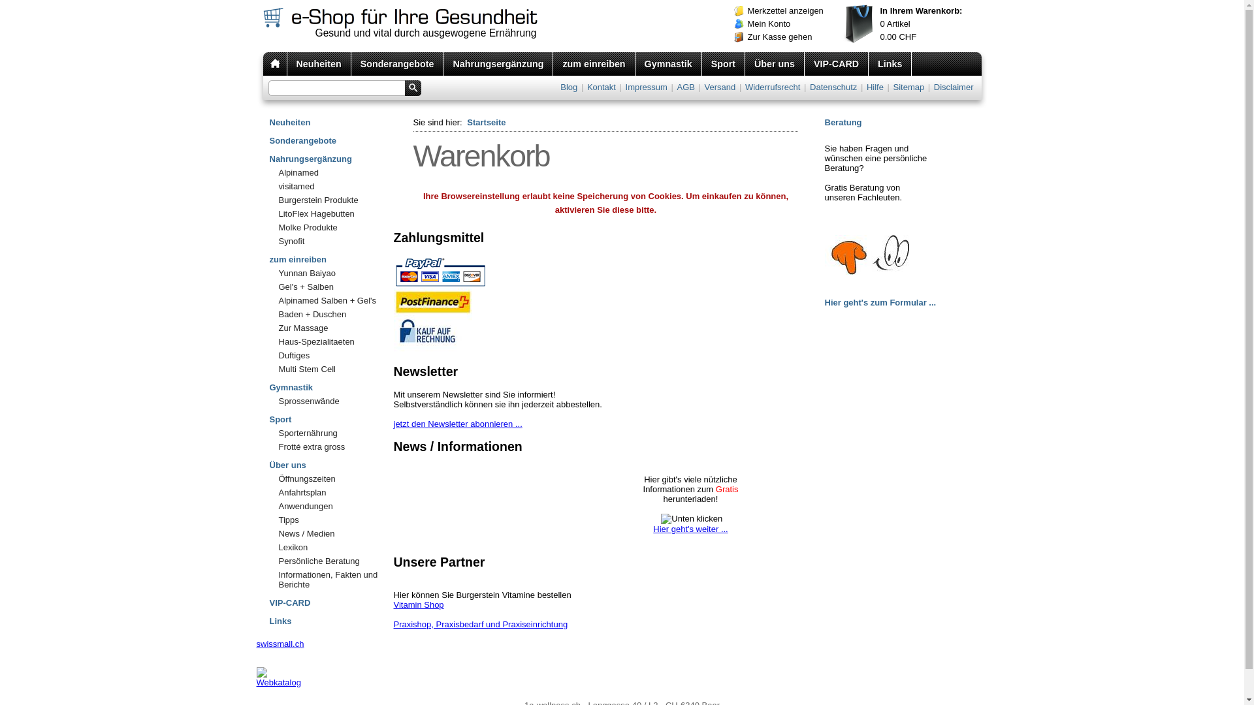  I want to click on 'Anfahrtsplan', so click(331, 492).